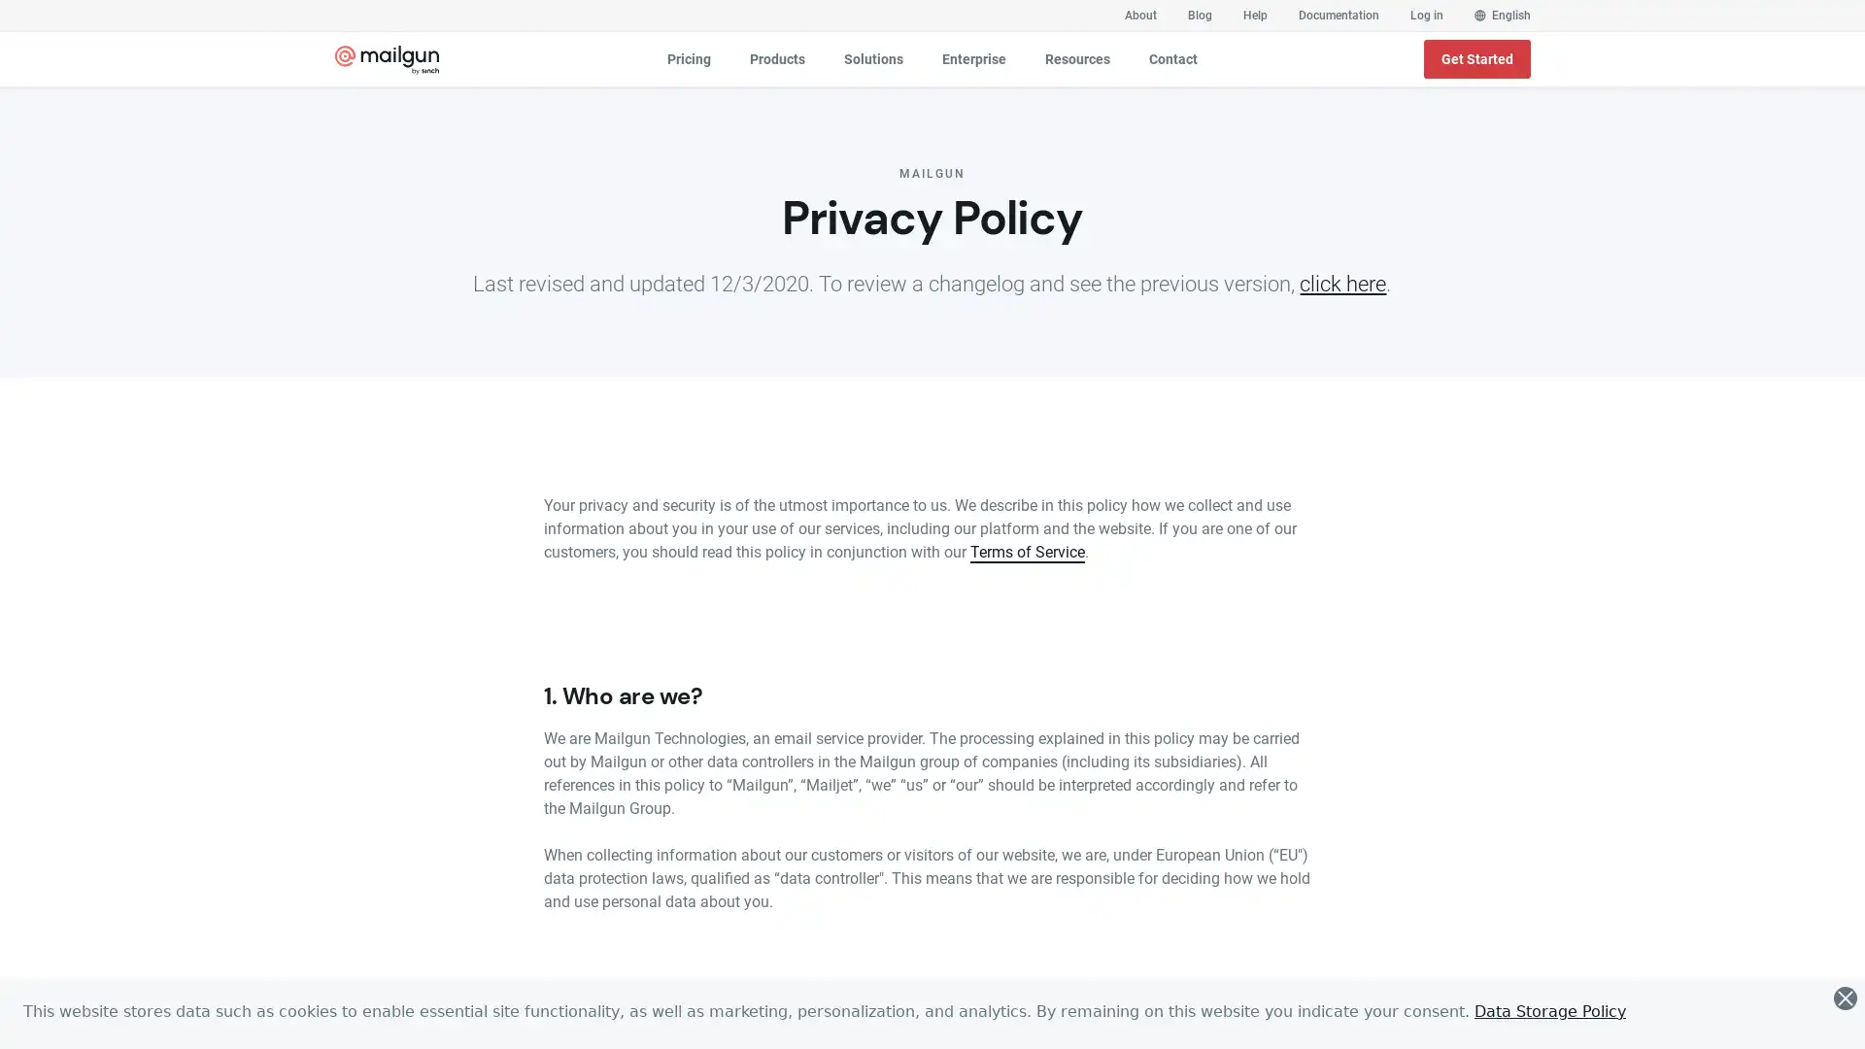 The height and width of the screenshot is (1049, 1865). Describe the element at coordinates (1140, 15) in the screenshot. I see `About` at that location.